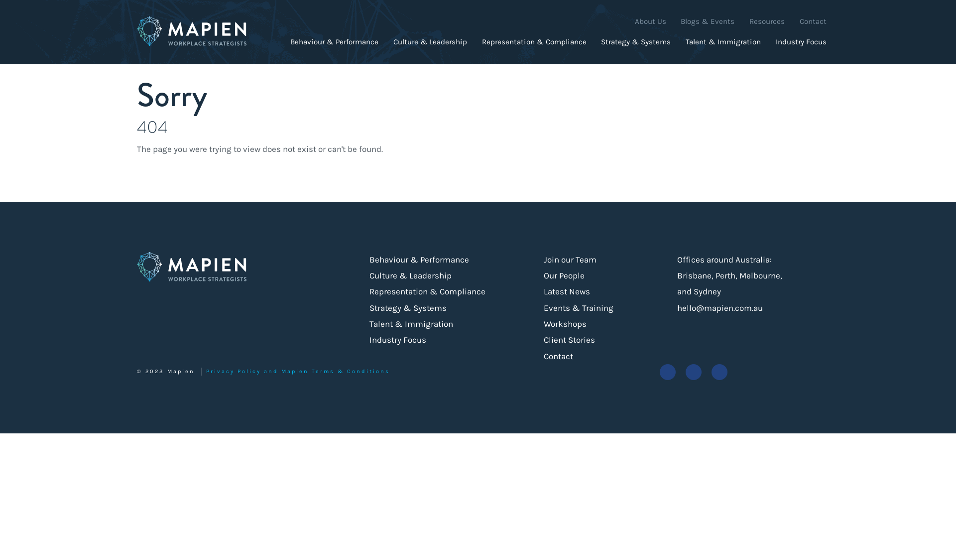 Image resolution: width=956 pixels, height=538 pixels. What do you see at coordinates (334, 41) in the screenshot?
I see `'Behaviour & Performance'` at bounding box center [334, 41].